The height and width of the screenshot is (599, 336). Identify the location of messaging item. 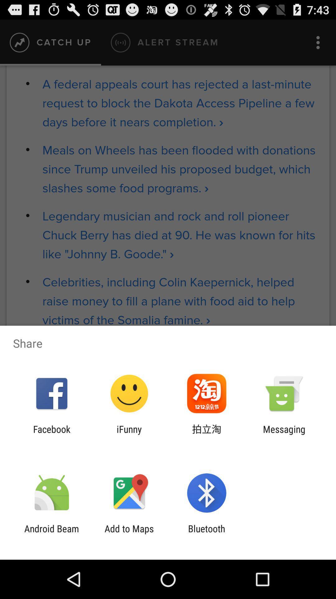
(284, 434).